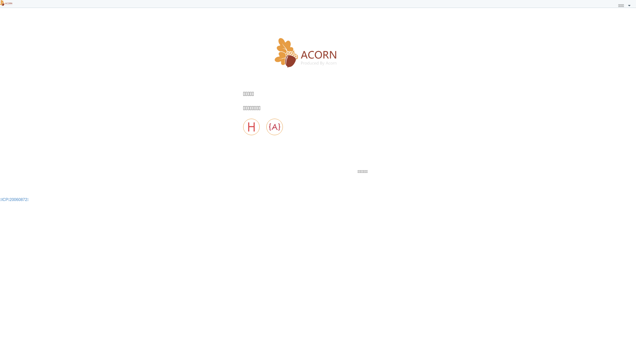 The height and width of the screenshot is (357, 636). I want to click on 'hello', so click(251, 127).